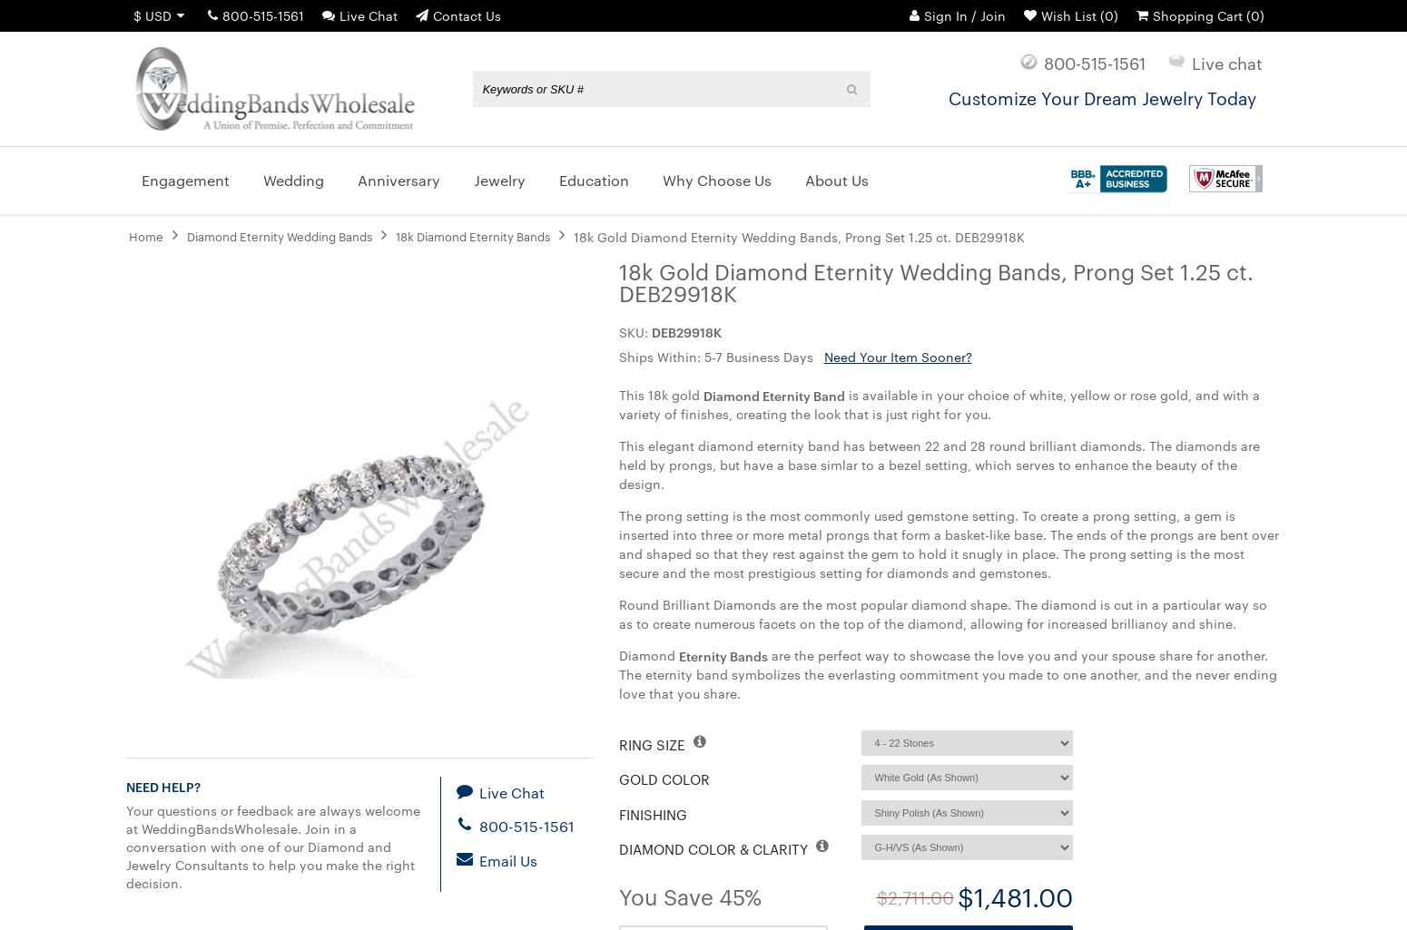 The width and height of the screenshot is (1407, 930). What do you see at coordinates (939, 463) in the screenshot?
I see `'This elegant diamond eternity band has between 22 and 28 round brilliant diamonds.  The diamonds are held by prongs, but have a base simlar to a bezel setting, which serves to enhance the beauty of the design.'` at bounding box center [939, 463].